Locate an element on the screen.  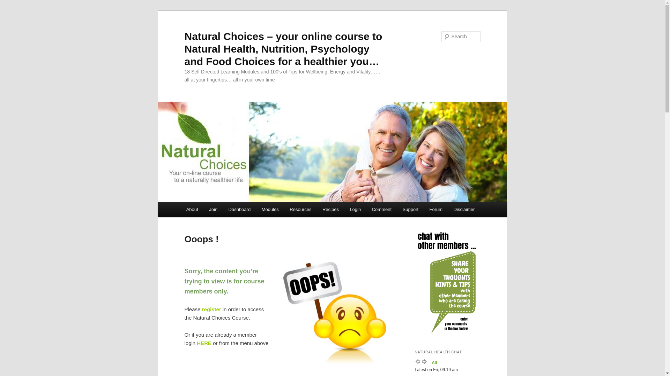
'register' is located at coordinates (211, 309).